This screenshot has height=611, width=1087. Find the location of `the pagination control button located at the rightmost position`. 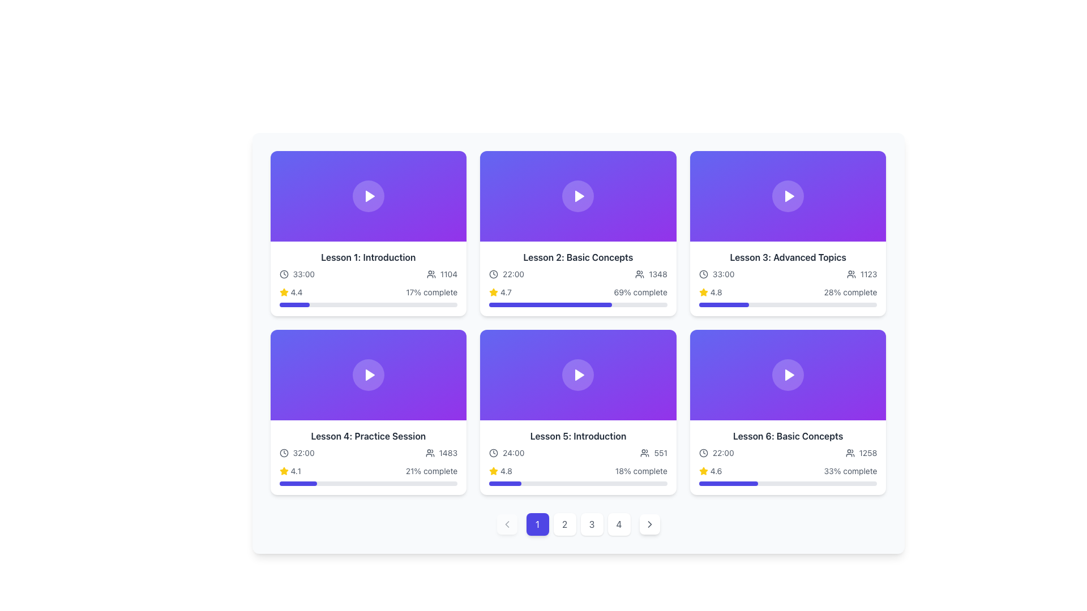

the pagination control button located at the rightmost position is located at coordinates (649, 524).